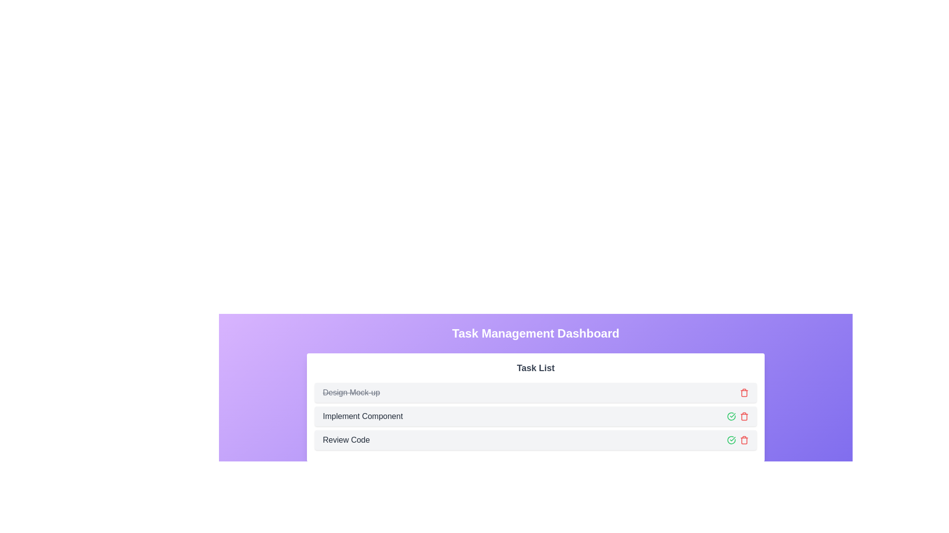  What do you see at coordinates (351, 392) in the screenshot?
I see `the text element displaying 'Design Mock-up' which has a strikethrough style and is in a grayish tone` at bounding box center [351, 392].